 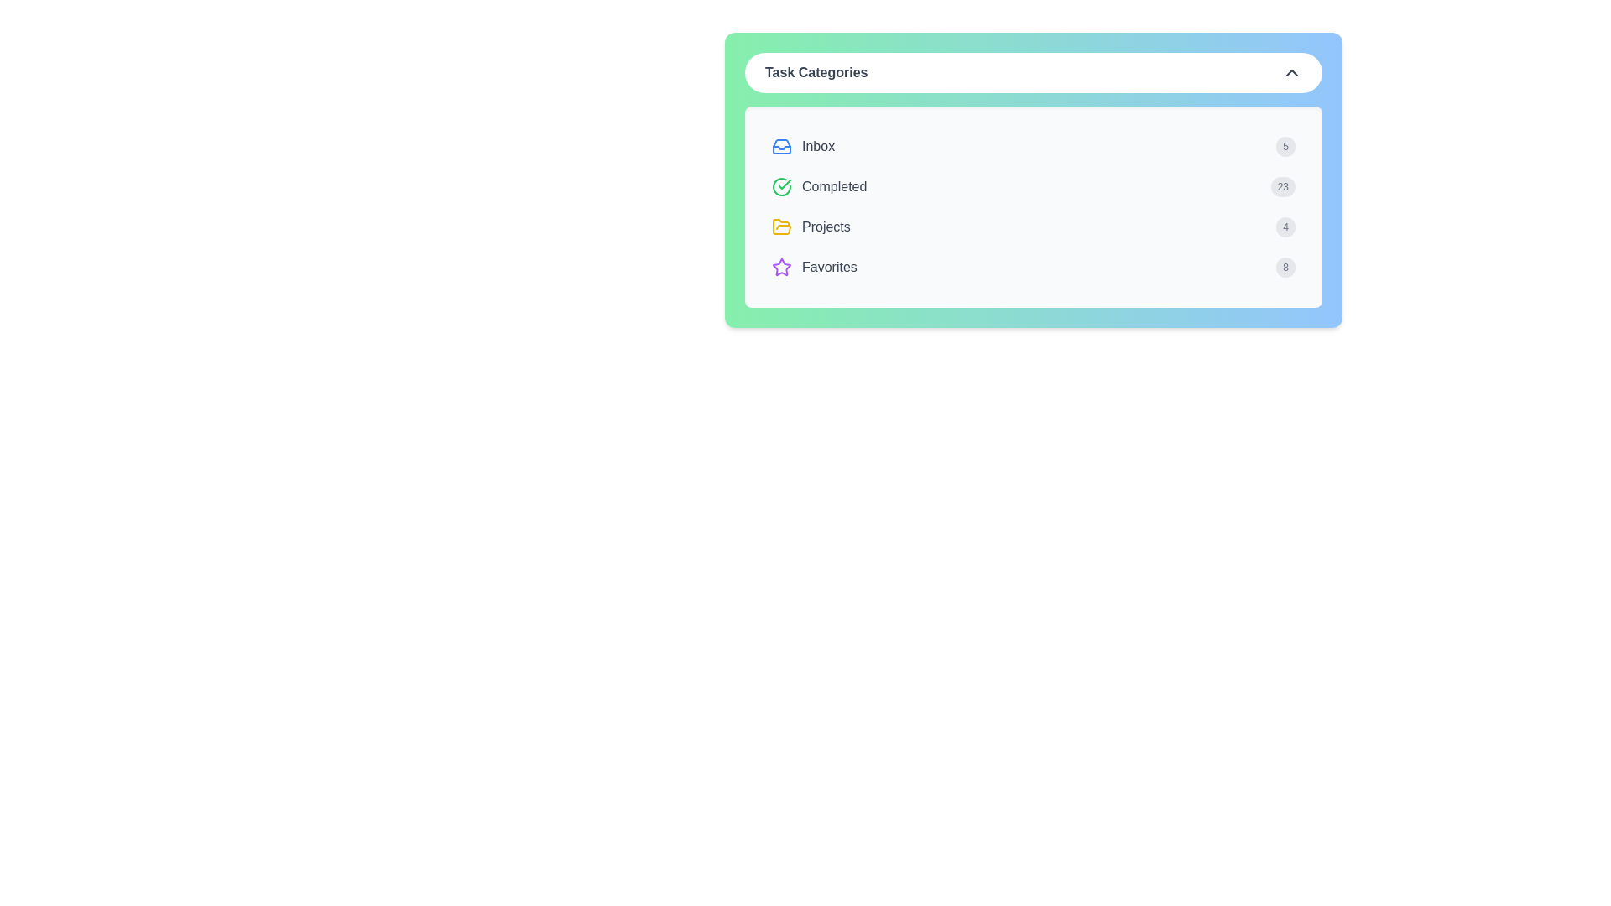 What do you see at coordinates (1285, 226) in the screenshot?
I see `the small, rounded rectangular badge with a gray background containing the numeral '4'` at bounding box center [1285, 226].